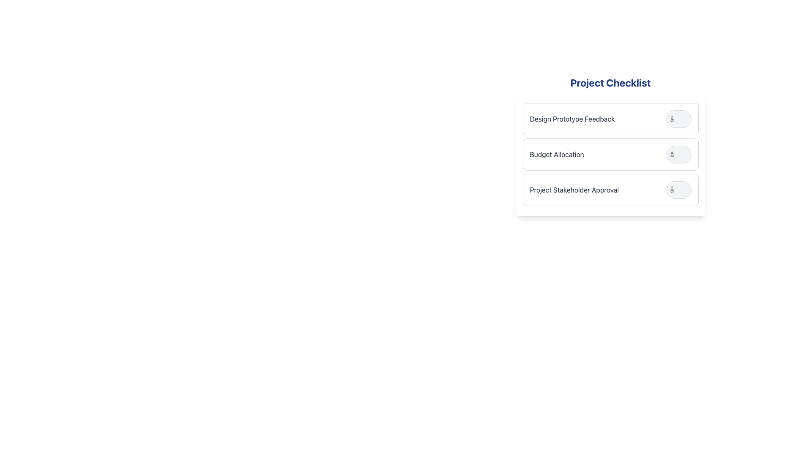 Image resolution: width=811 pixels, height=456 pixels. Describe the element at coordinates (610, 156) in the screenshot. I see `the 'Budget Allocation' task in the second row of the 'Project Checklist'` at that location.